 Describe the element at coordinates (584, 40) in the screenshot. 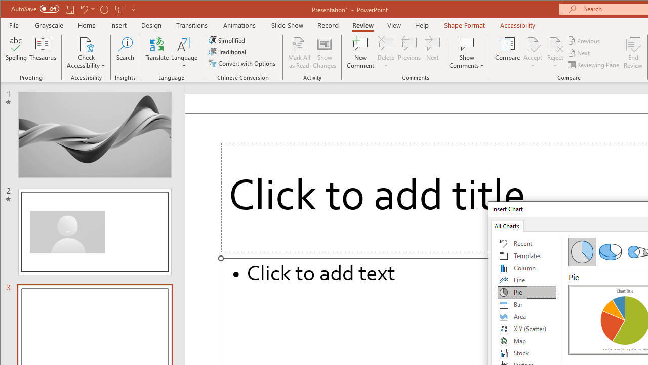

I see `'Previous'` at that location.